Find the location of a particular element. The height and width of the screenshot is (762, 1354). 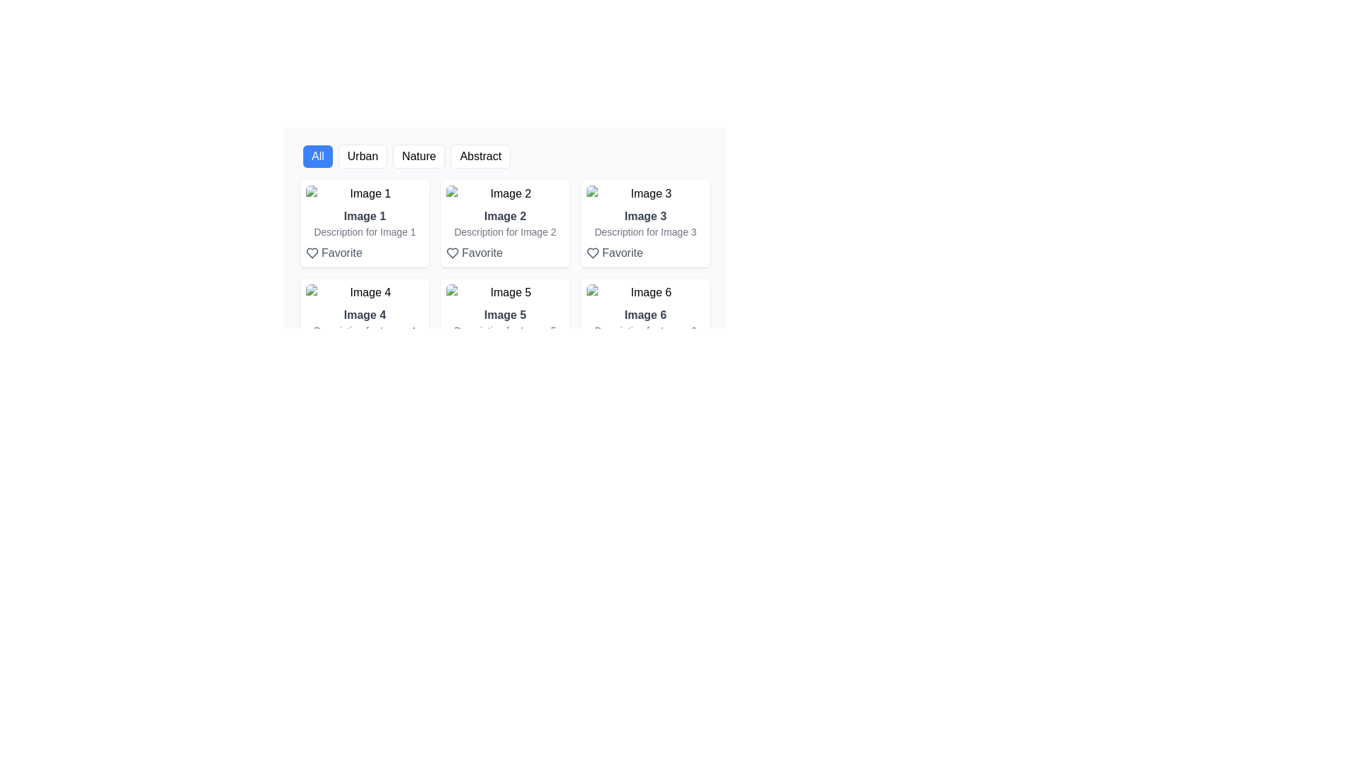

the thumbnail representing 'Image 2' located in the second card of the top row in the grid of image cards is located at coordinates (505, 193).